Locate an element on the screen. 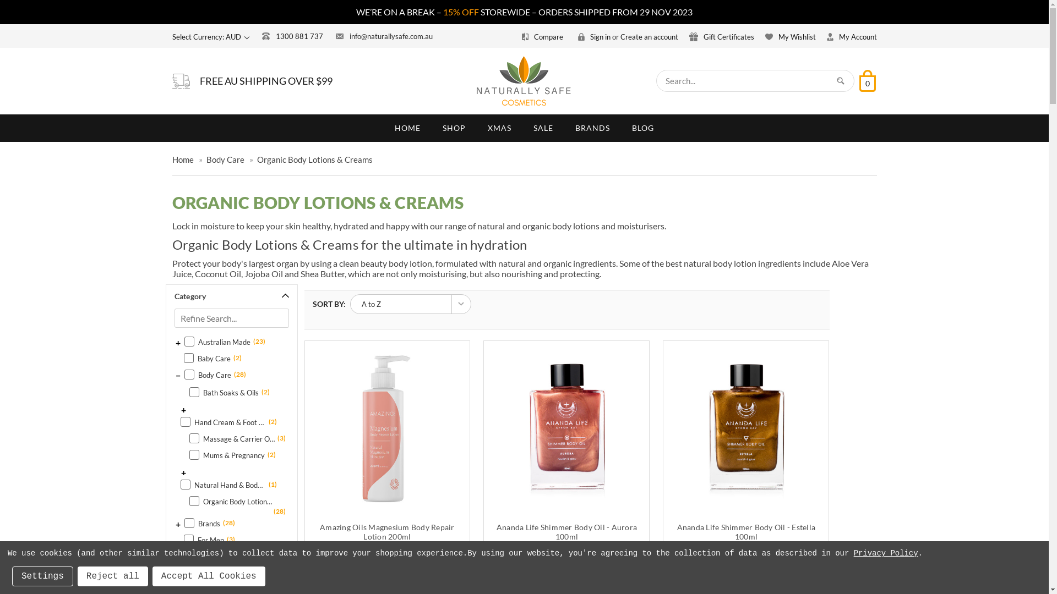 This screenshot has height=594, width=1057. 'Sign in' is located at coordinates (593, 36).